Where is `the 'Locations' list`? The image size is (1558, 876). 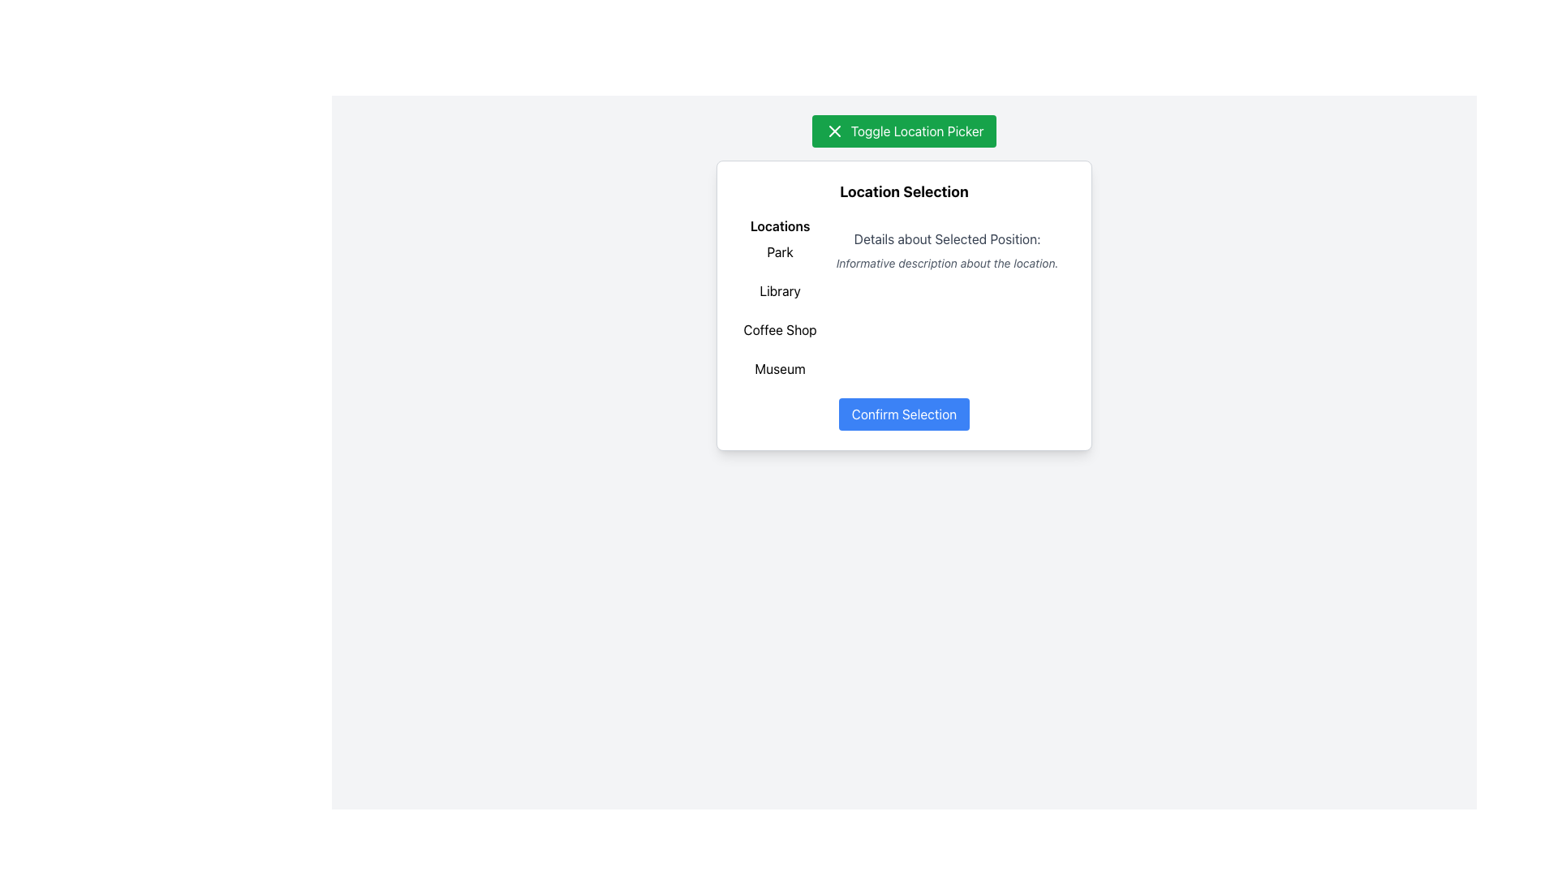
the 'Locations' list is located at coordinates (780, 300).